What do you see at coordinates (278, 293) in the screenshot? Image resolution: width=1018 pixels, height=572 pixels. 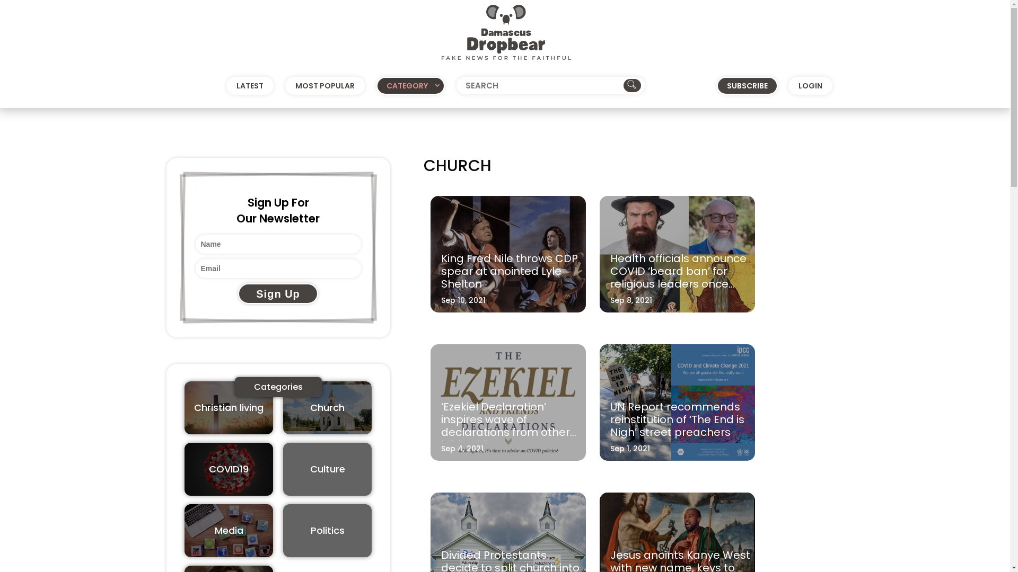 I see `'Sign Up'` at bounding box center [278, 293].